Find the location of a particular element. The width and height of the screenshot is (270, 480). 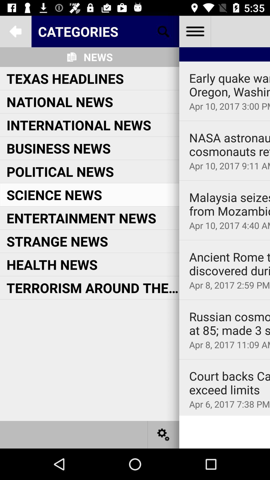

terrorism around the at the center is located at coordinates (93, 287).